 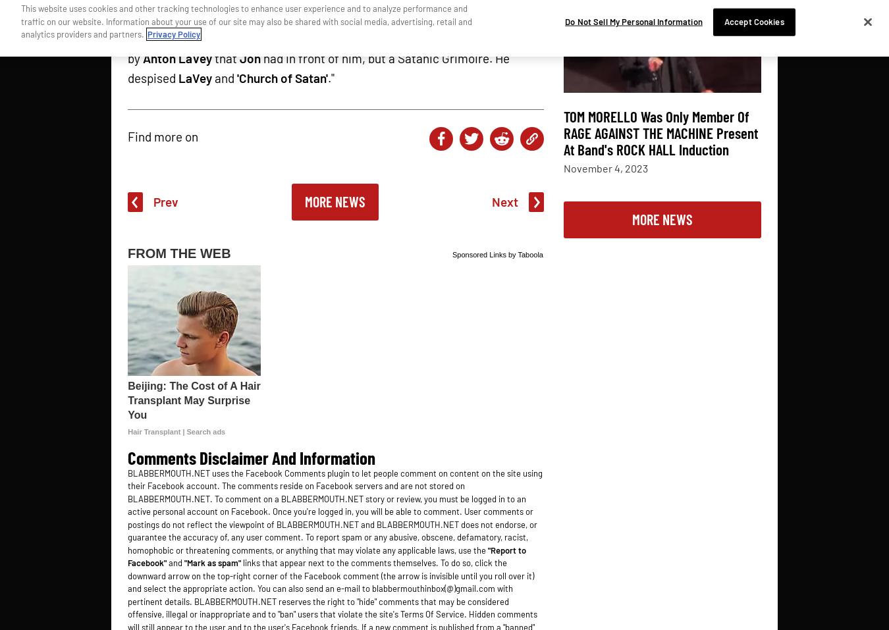 What do you see at coordinates (212, 562) in the screenshot?
I see `'"Mark as spam"'` at bounding box center [212, 562].